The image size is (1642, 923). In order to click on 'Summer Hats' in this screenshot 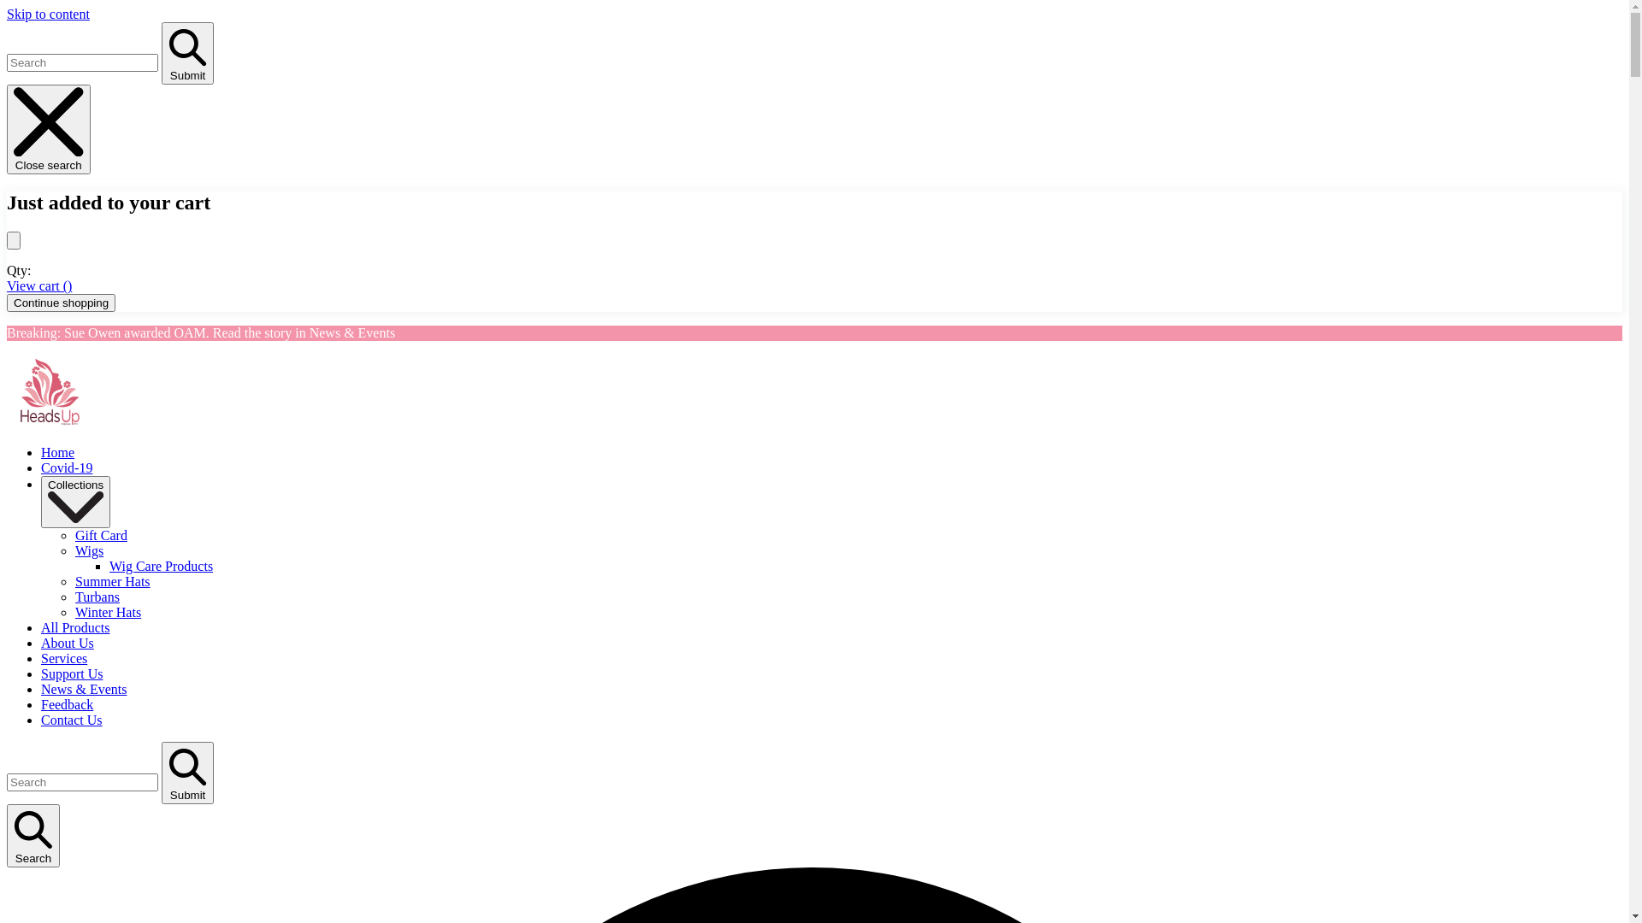, I will do `click(111, 580)`.